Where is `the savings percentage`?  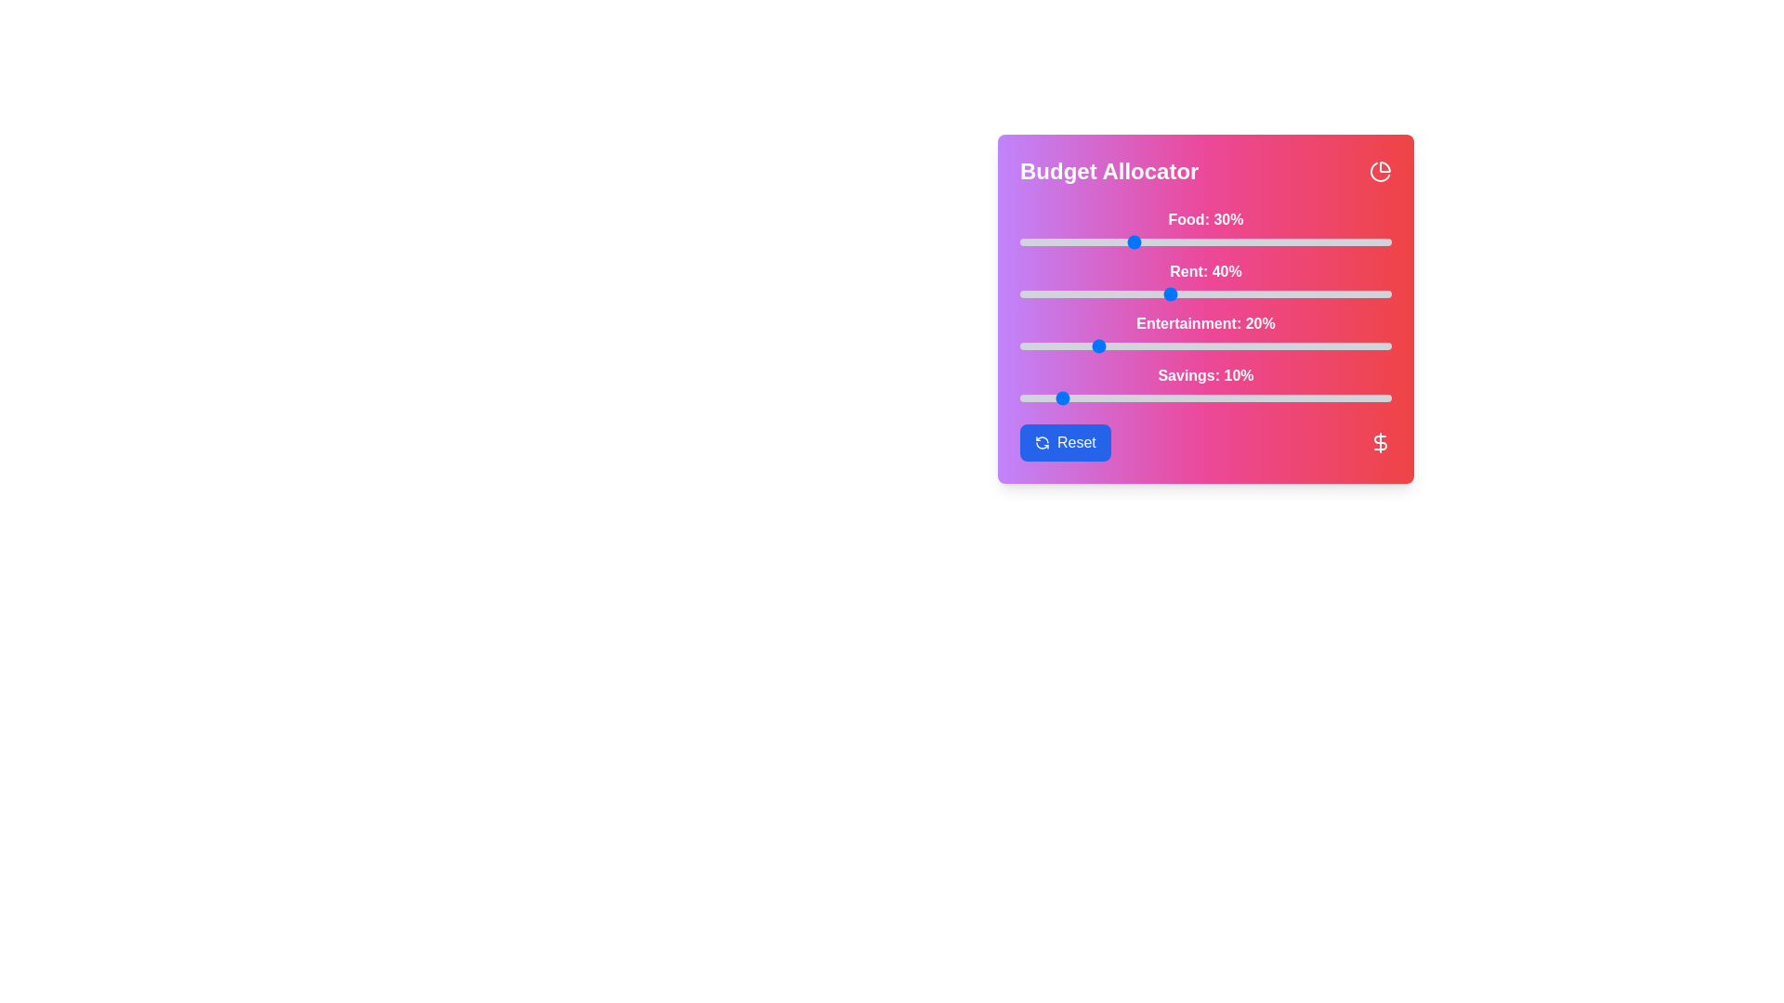 the savings percentage is located at coordinates (1075, 397).